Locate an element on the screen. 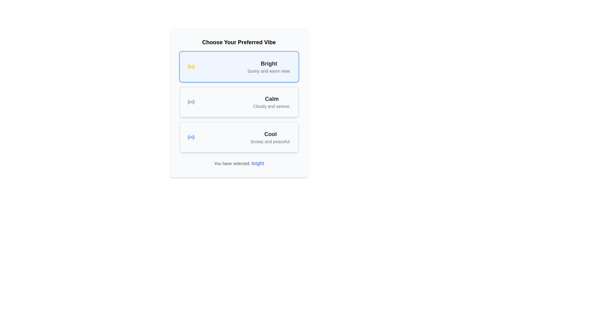 The image size is (594, 334). the decorative 'Calm' vibe icon located in the second row of the 'Choose Your Preferred Vibe' list, positioned before the text 'Cloudy and serene.' is located at coordinates (191, 102).